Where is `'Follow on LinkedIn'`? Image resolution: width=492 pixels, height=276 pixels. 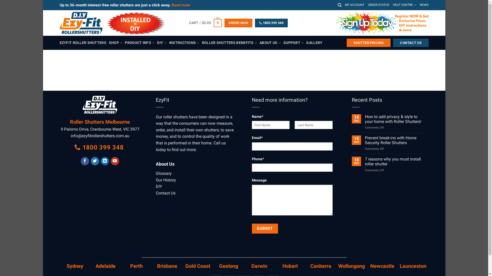
'Follow on LinkedIn' is located at coordinates (105, 161).